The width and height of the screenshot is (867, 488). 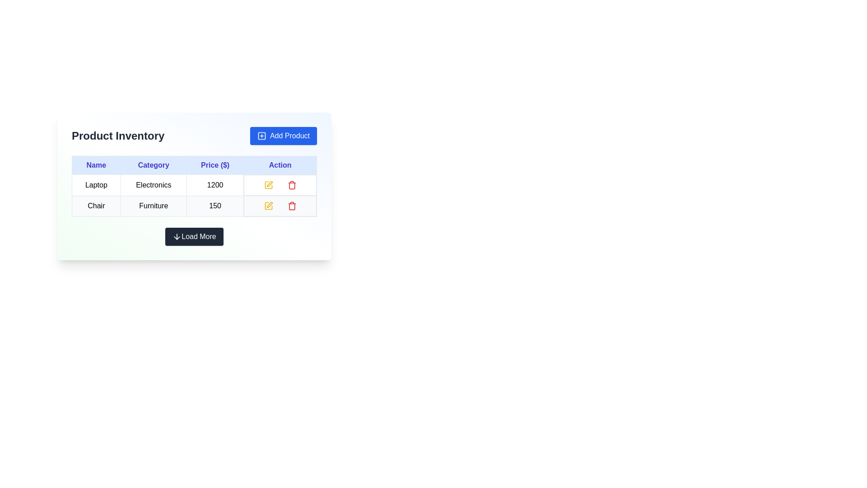 What do you see at coordinates (280, 206) in the screenshot?
I see `the action icons in the last row of the table, specifically the yellow pencil icon for editing and the red trash bin icon for deletion` at bounding box center [280, 206].